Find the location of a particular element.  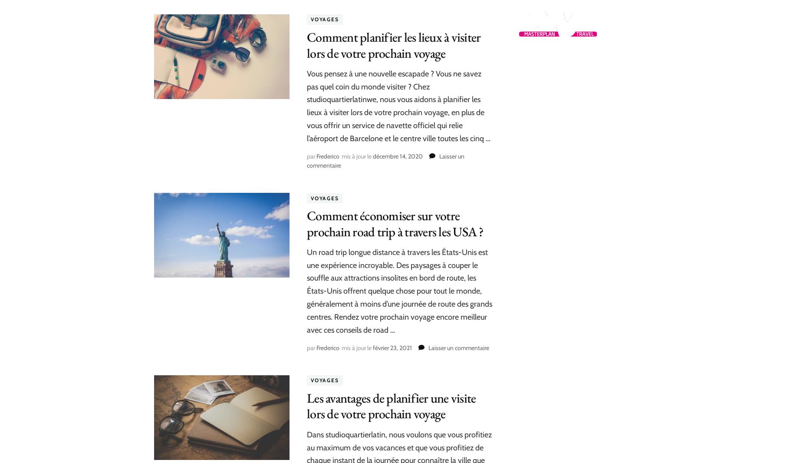

'Comment planifier les lieux à visiter lors de votre prochain voyage' is located at coordinates (394, 44).